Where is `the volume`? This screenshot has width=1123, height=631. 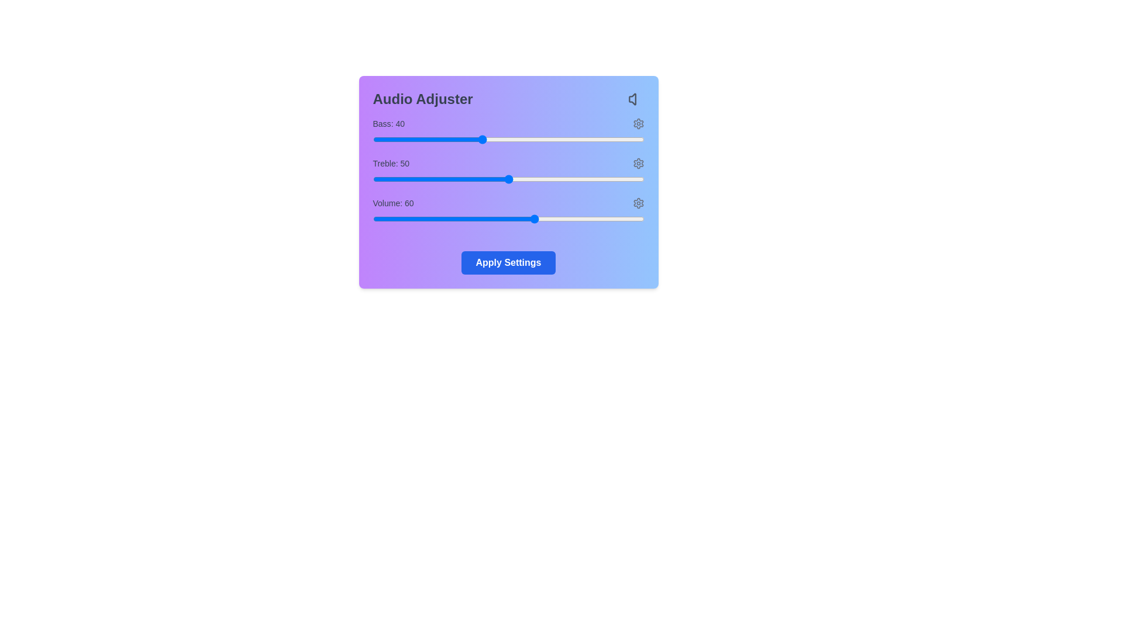 the volume is located at coordinates (381, 219).